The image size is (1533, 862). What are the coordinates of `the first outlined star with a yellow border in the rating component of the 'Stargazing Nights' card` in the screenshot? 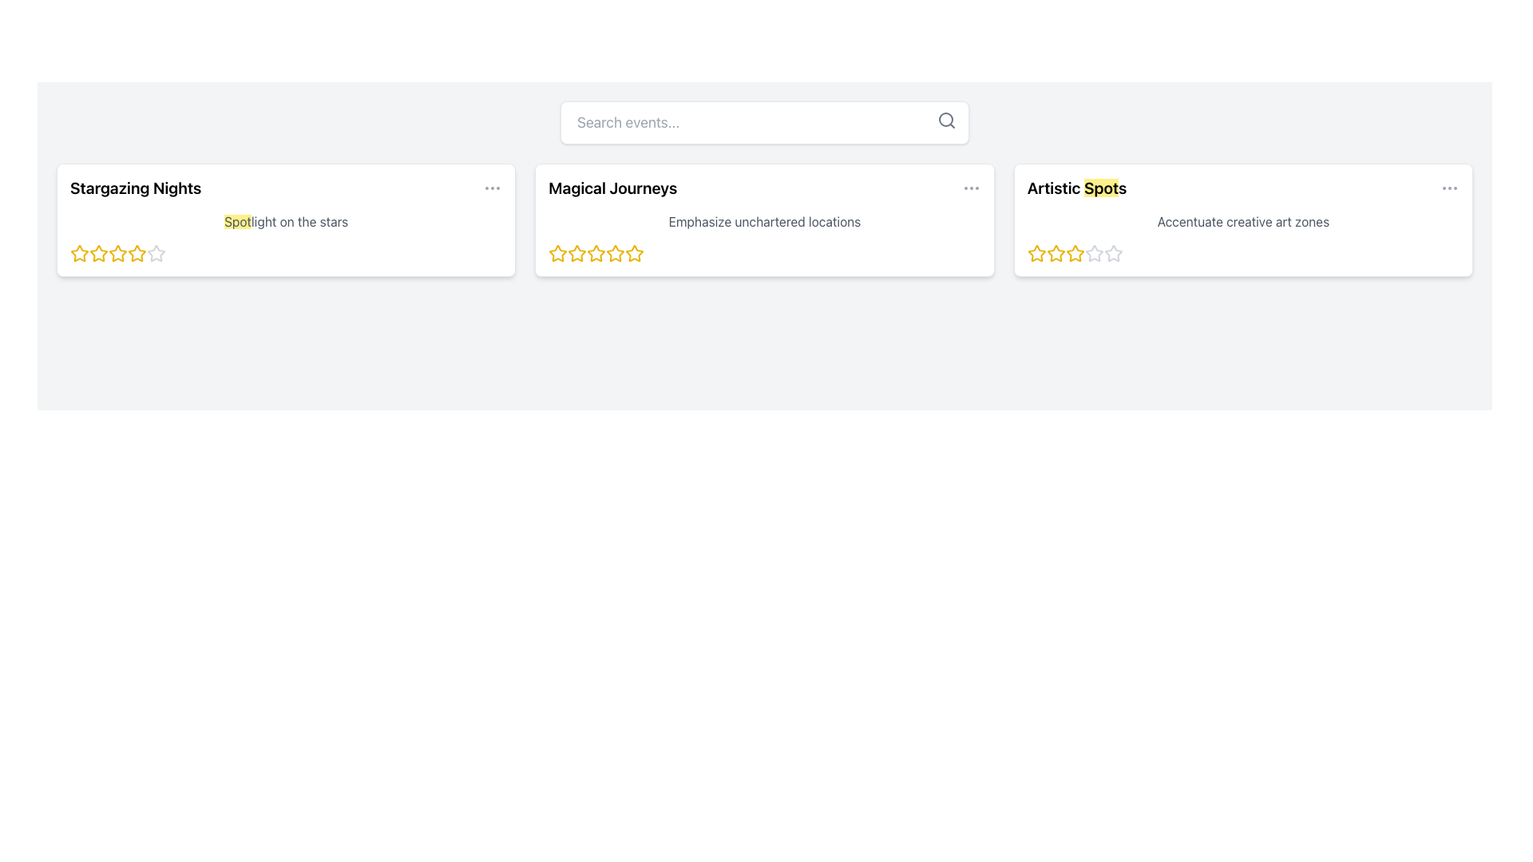 It's located at (79, 252).